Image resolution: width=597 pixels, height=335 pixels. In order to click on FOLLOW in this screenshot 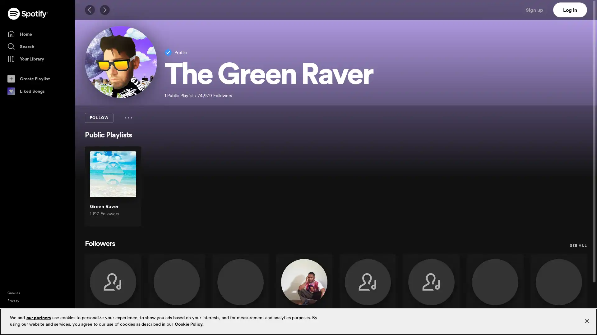, I will do `click(99, 118)`.